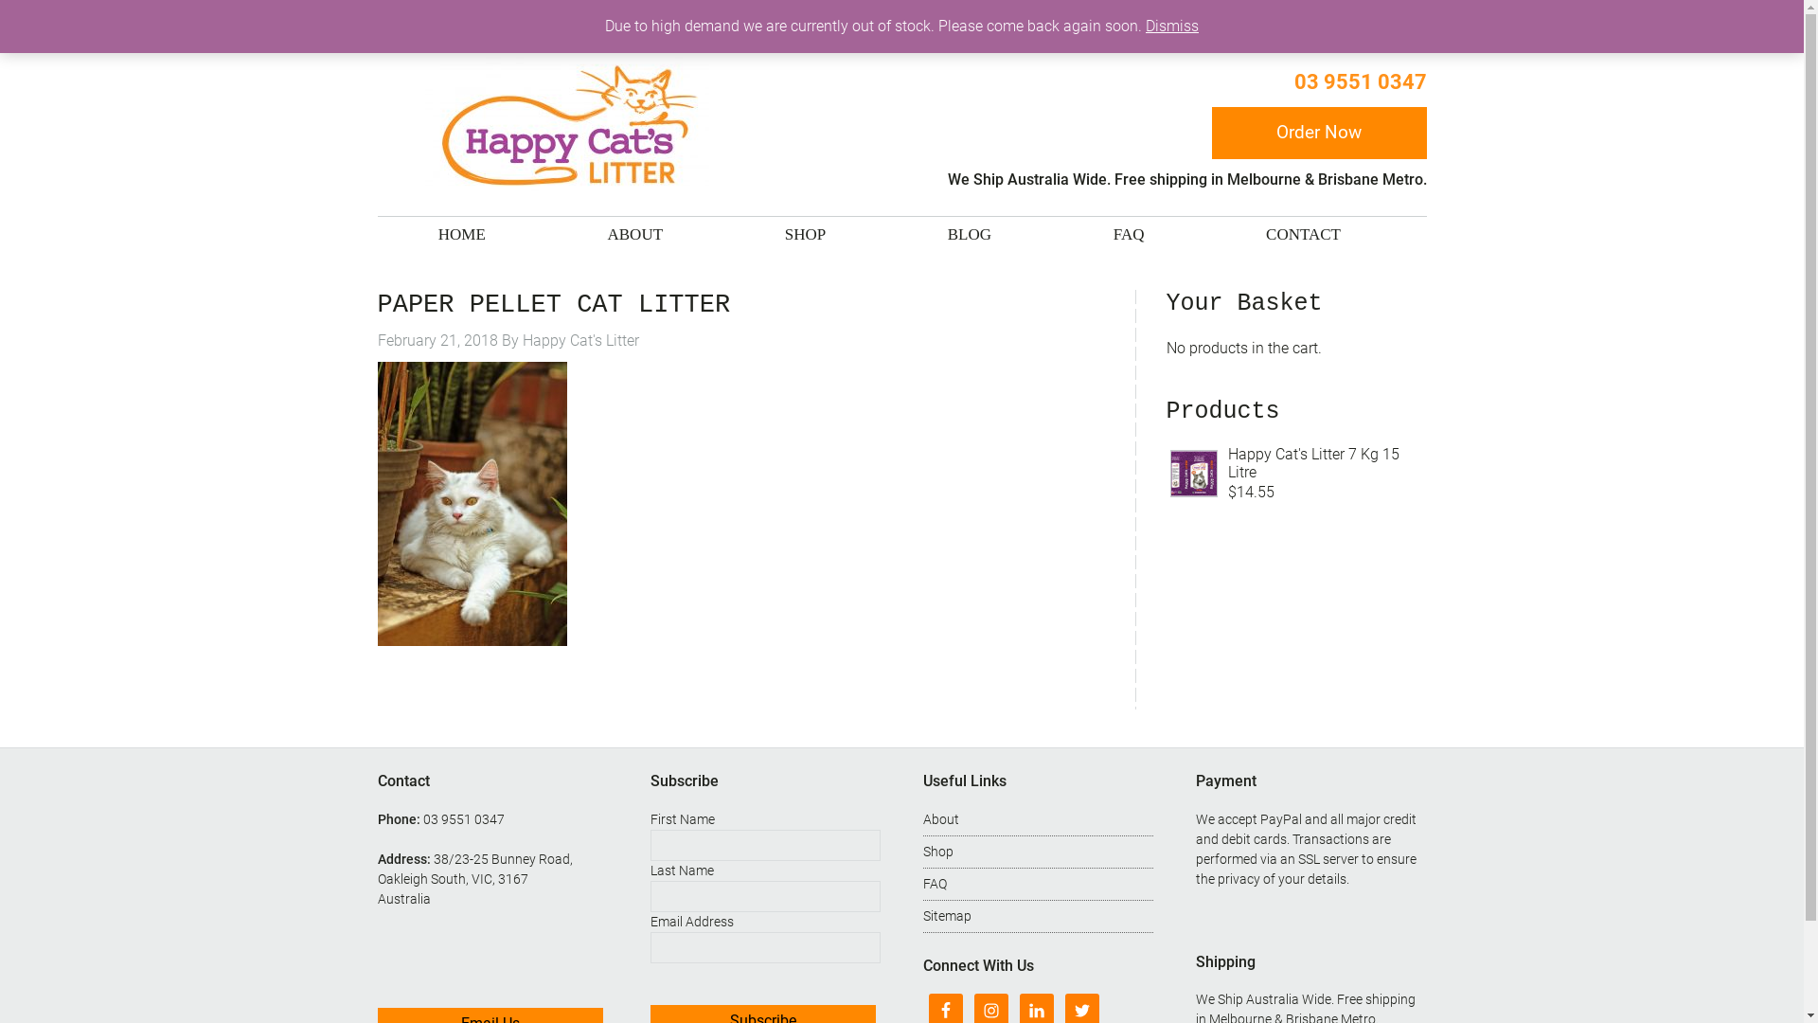 The width and height of the screenshot is (1818, 1023). What do you see at coordinates (0, 0) in the screenshot?
I see `'Skip to primary navigation'` at bounding box center [0, 0].